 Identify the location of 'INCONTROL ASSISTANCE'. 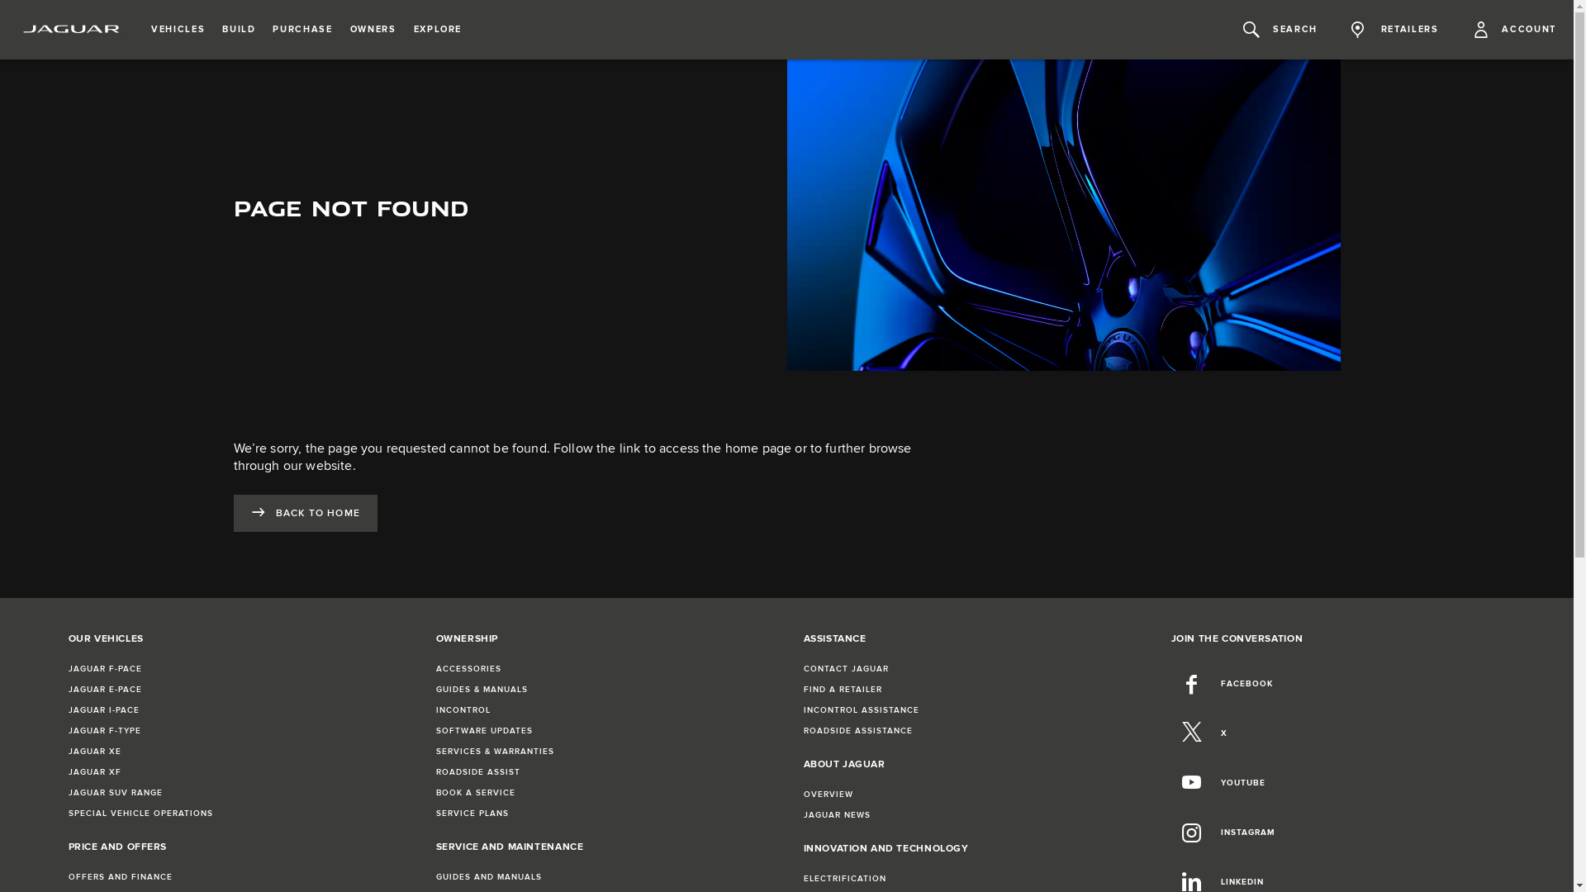
(859, 709).